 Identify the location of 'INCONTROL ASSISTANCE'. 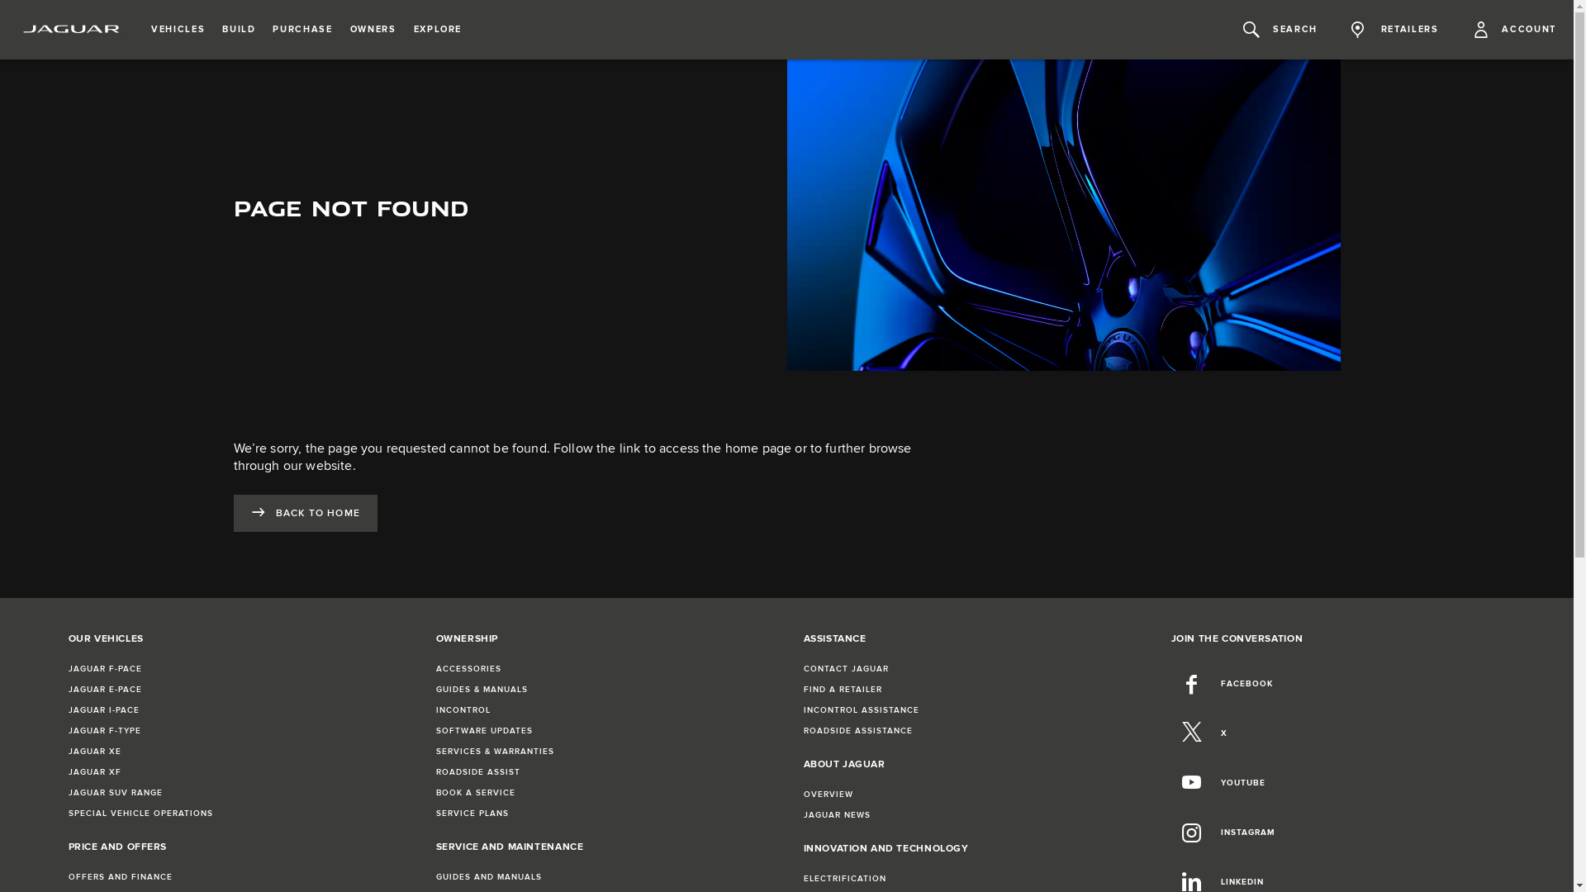
(859, 709).